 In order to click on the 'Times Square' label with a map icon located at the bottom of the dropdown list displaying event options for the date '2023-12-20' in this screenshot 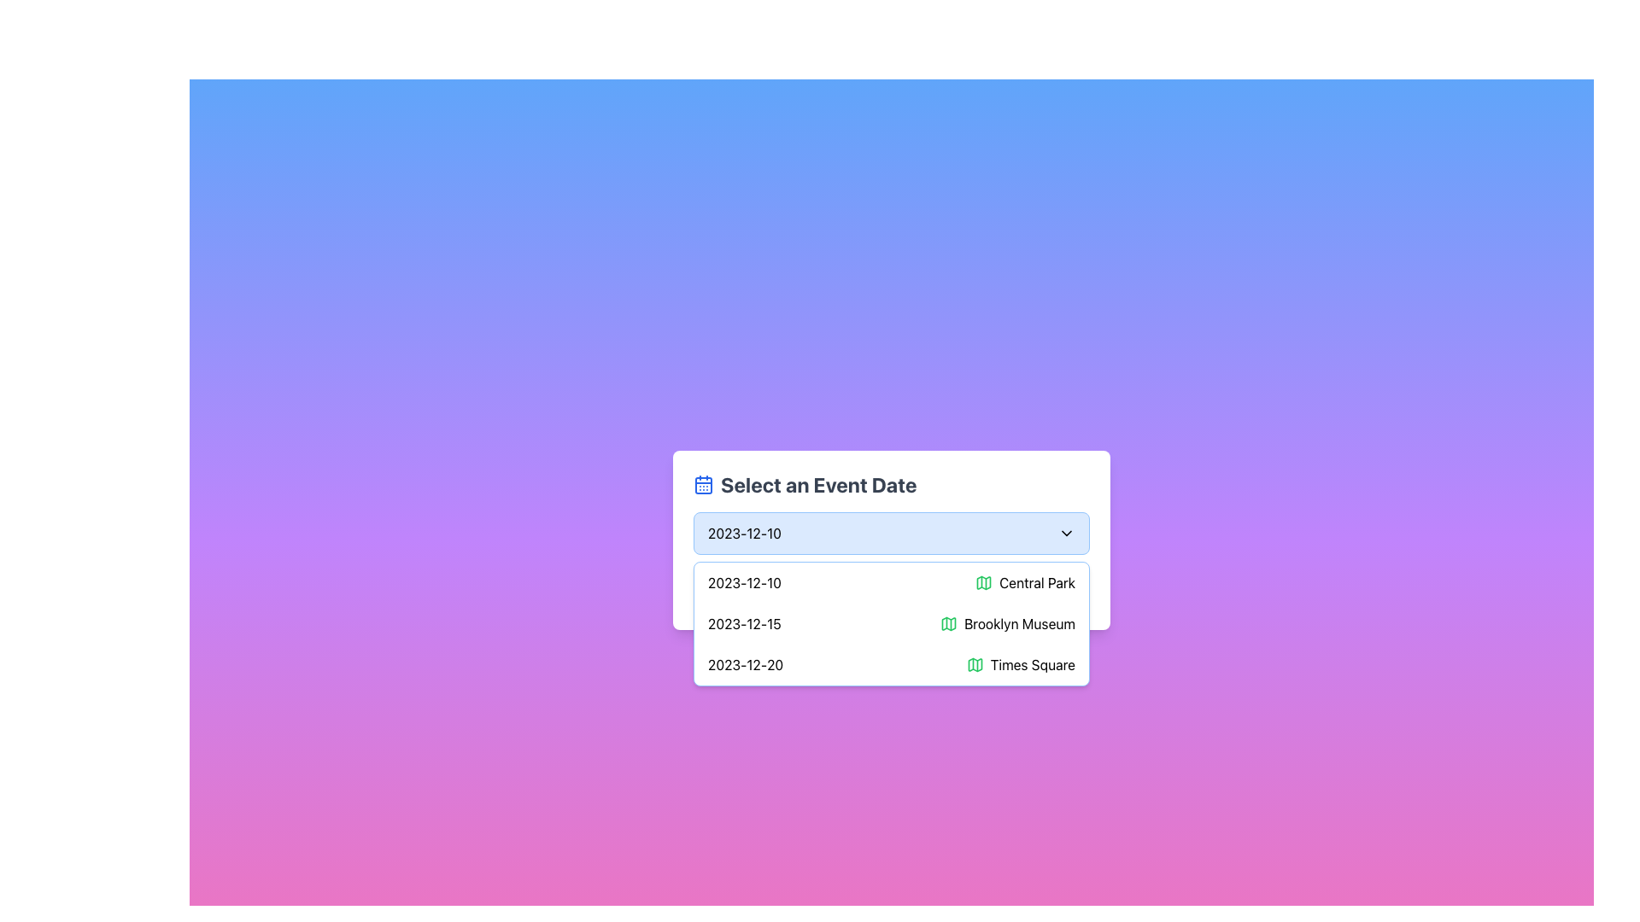, I will do `click(1021, 664)`.